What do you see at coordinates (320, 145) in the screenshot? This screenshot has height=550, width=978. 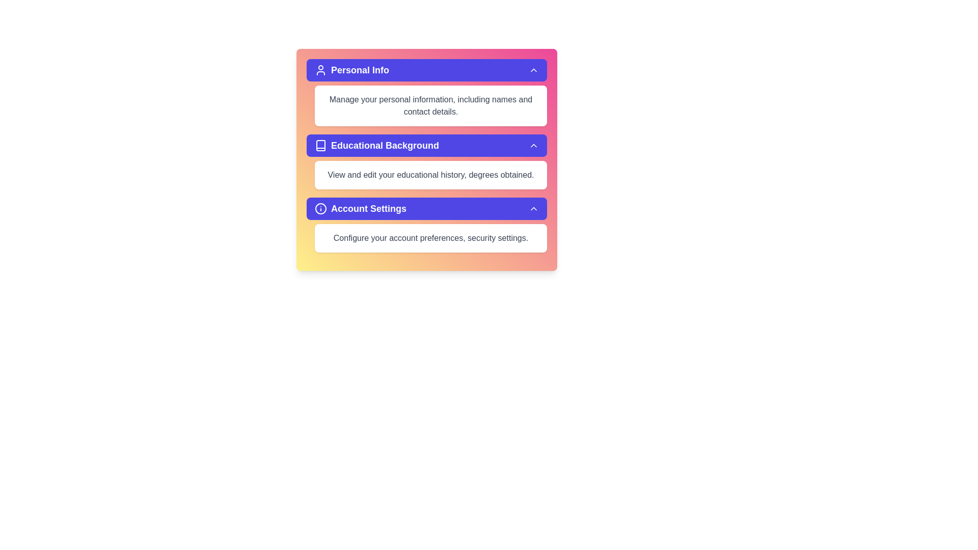 I see `the icon of the section labeled Educational Background` at bounding box center [320, 145].